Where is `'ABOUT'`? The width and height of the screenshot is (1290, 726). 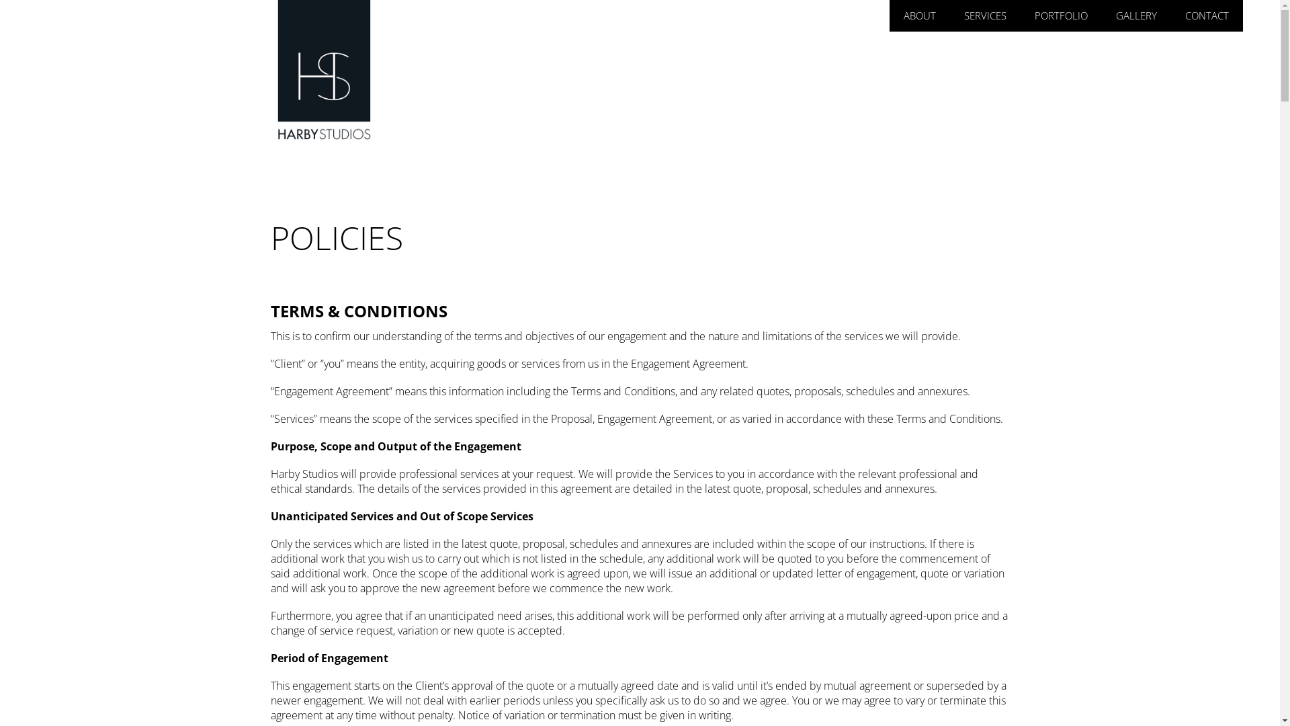
'ABOUT' is located at coordinates (918, 15).